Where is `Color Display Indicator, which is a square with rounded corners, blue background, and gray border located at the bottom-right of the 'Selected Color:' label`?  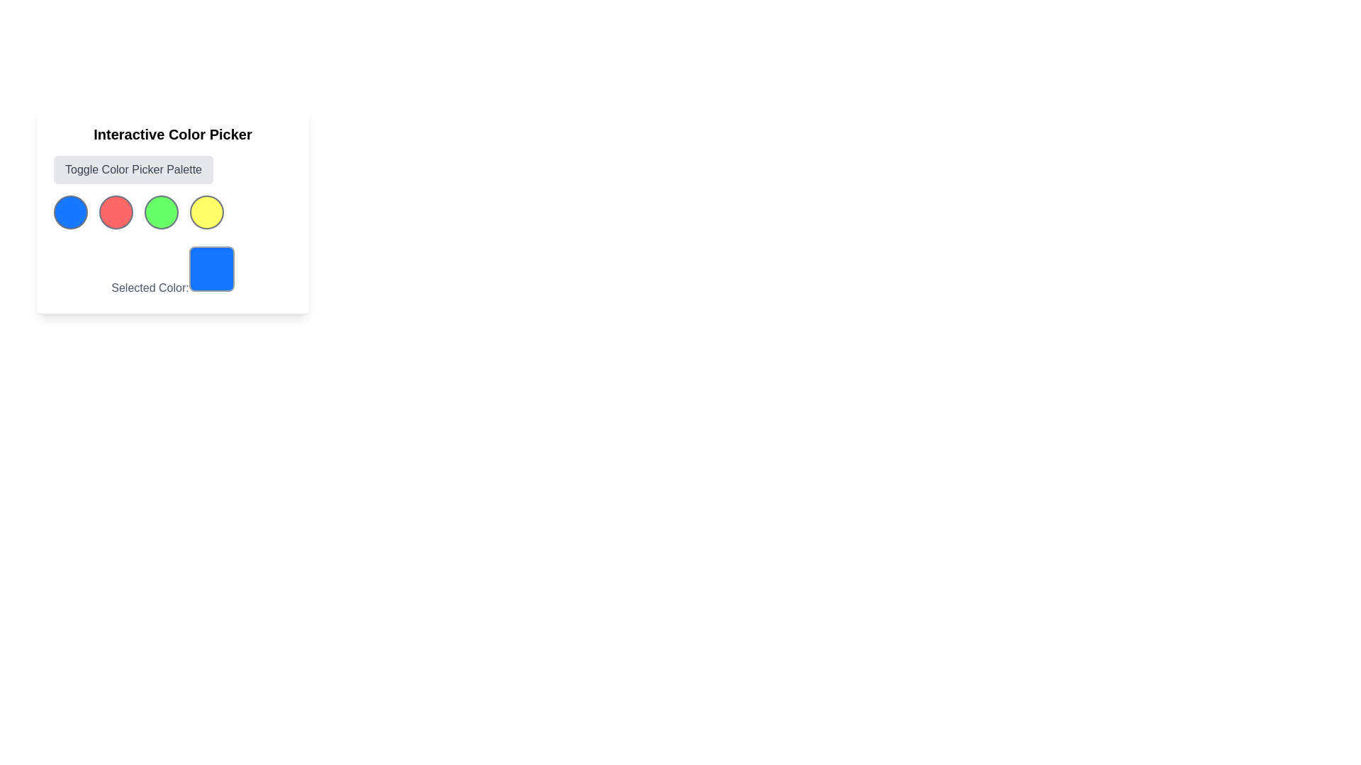
Color Display Indicator, which is a square with rounded corners, blue background, and gray border located at the bottom-right of the 'Selected Color:' label is located at coordinates (211, 269).